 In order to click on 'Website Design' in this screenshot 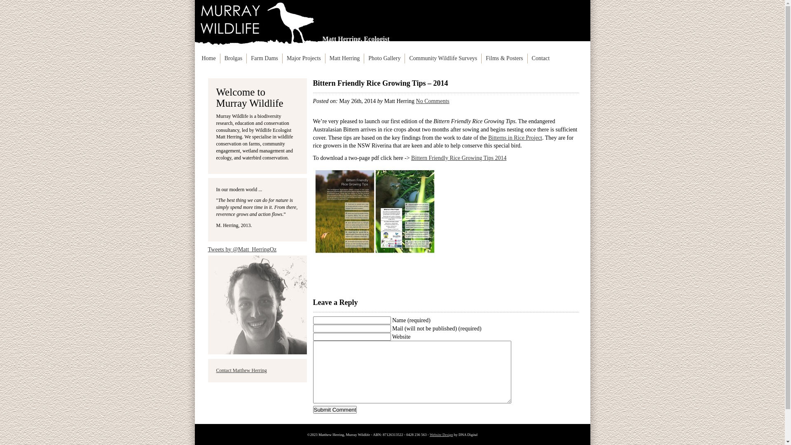, I will do `click(441, 434)`.